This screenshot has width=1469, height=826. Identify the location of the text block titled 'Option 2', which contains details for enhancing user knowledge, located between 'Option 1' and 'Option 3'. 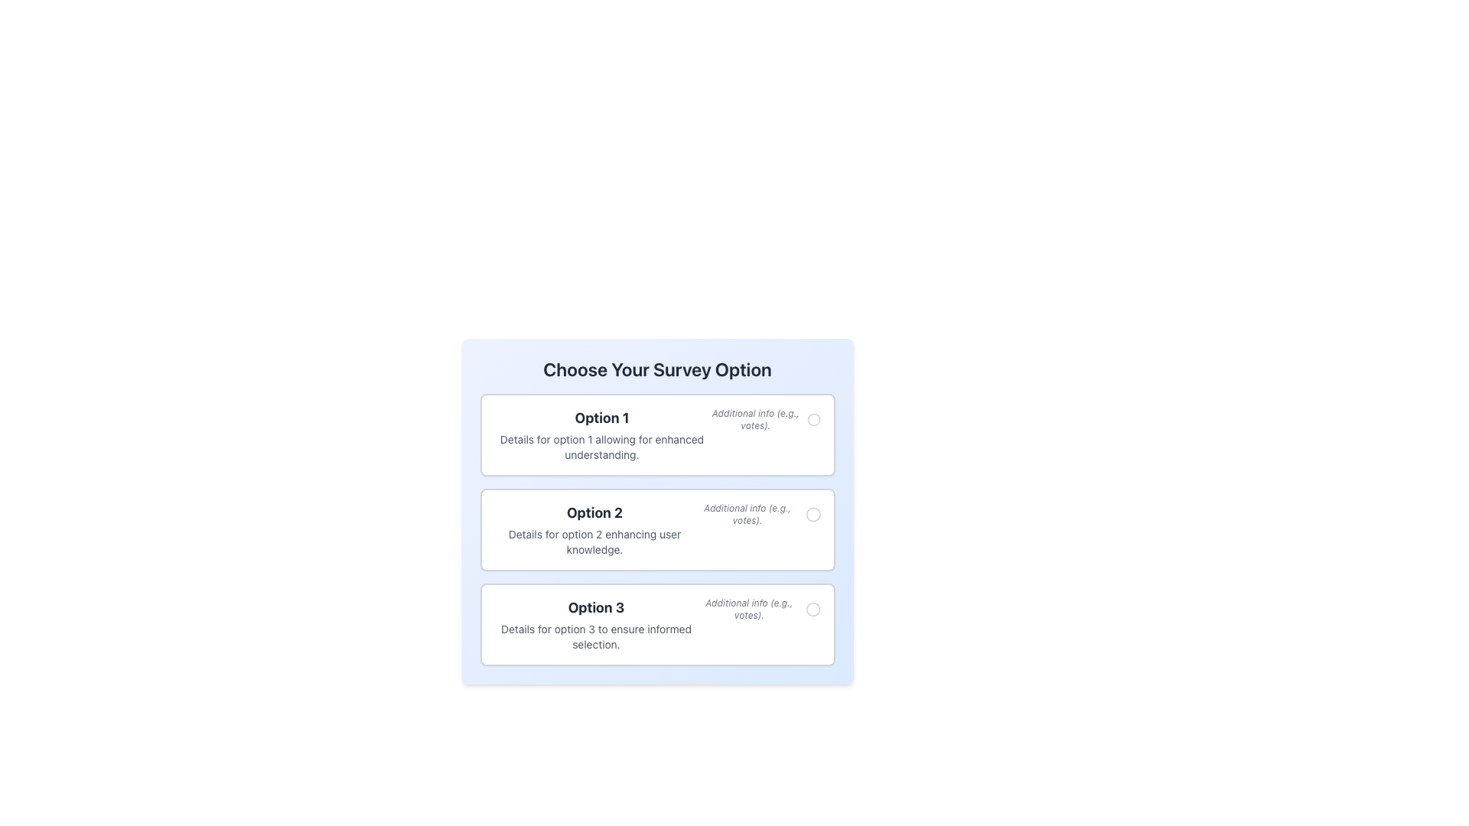
(594, 529).